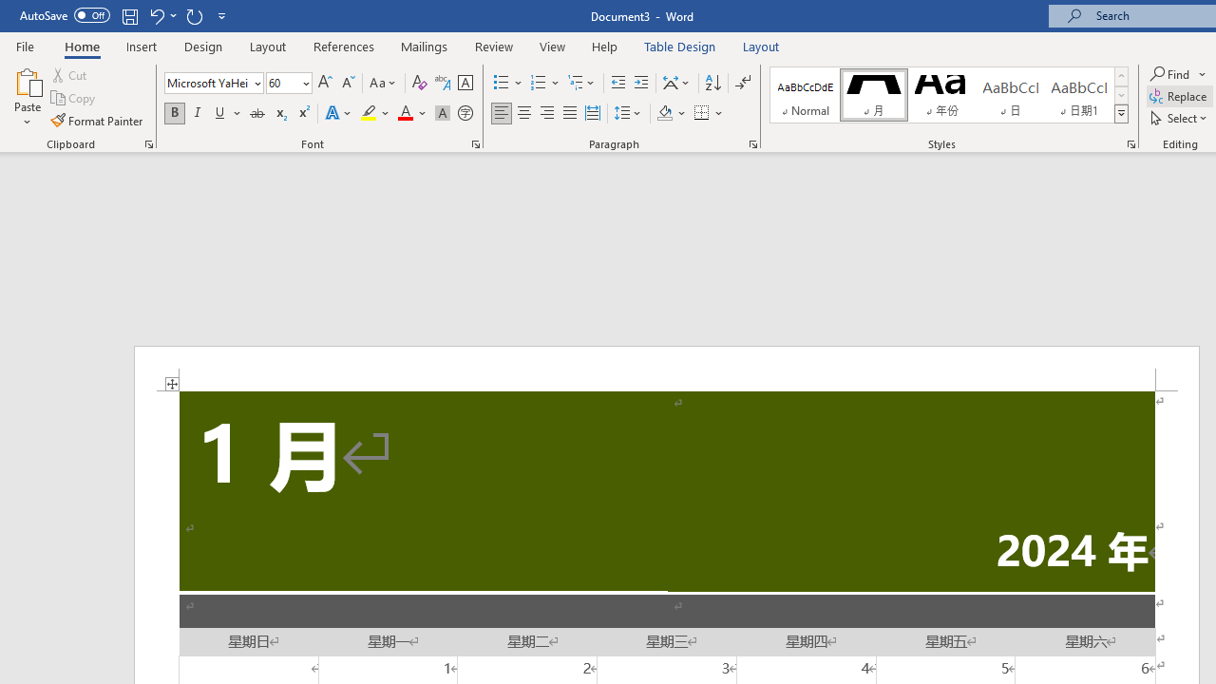 The height and width of the screenshot is (684, 1216). I want to click on 'Quick Access Toolbar', so click(123, 15).